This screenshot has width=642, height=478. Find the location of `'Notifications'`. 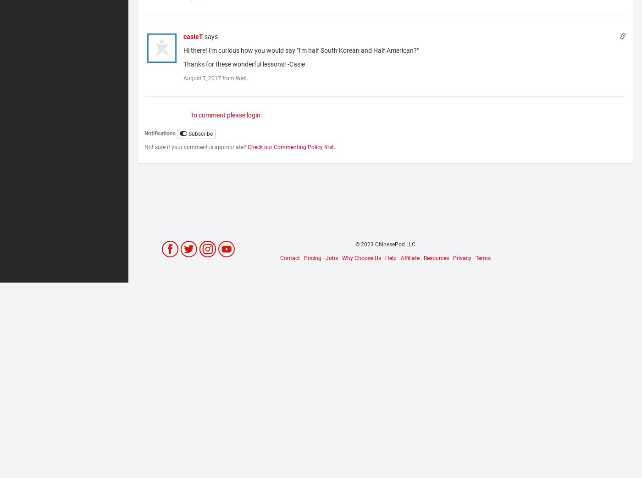

'Notifications' is located at coordinates (160, 133).